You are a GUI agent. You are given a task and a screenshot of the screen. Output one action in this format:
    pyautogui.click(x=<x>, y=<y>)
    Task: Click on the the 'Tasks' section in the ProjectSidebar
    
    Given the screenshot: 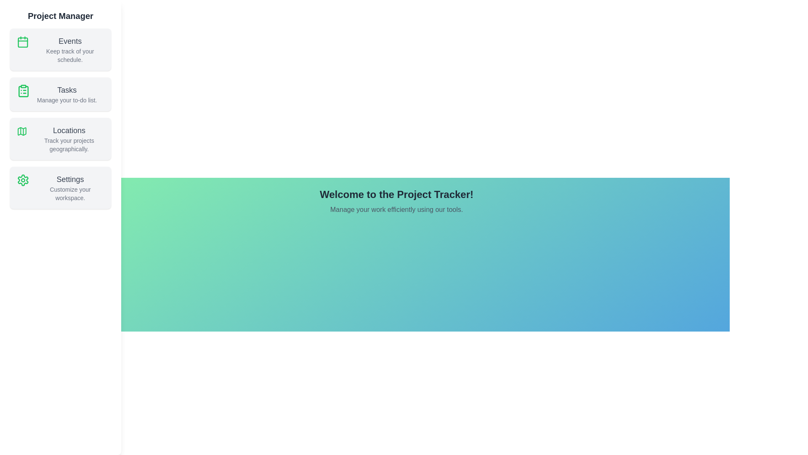 What is the action you would take?
    pyautogui.click(x=60, y=94)
    